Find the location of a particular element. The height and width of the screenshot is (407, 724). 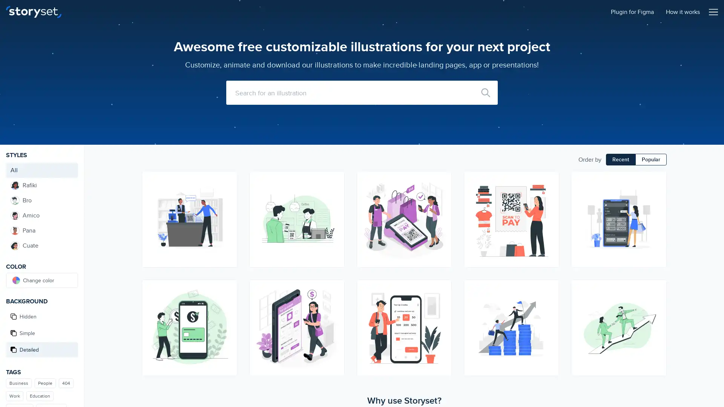

Pinterest icon Save is located at coordinates (334, 208).